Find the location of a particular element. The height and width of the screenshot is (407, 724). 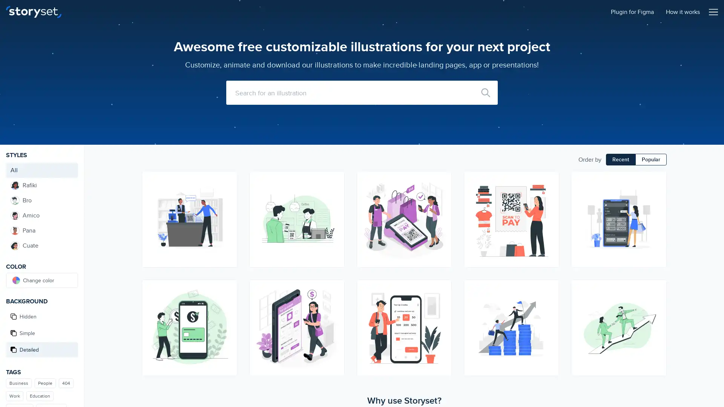

Pinterest icon Save is located at coordinates (334, 208).